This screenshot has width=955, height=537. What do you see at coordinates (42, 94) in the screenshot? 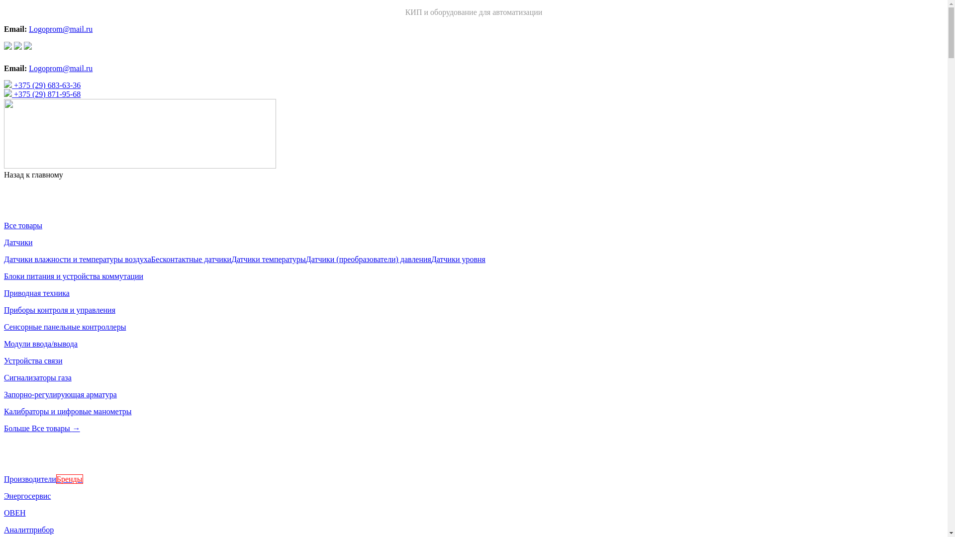
I see `'+375 (29) 871-95-68'` at bounding box center [42, 94].